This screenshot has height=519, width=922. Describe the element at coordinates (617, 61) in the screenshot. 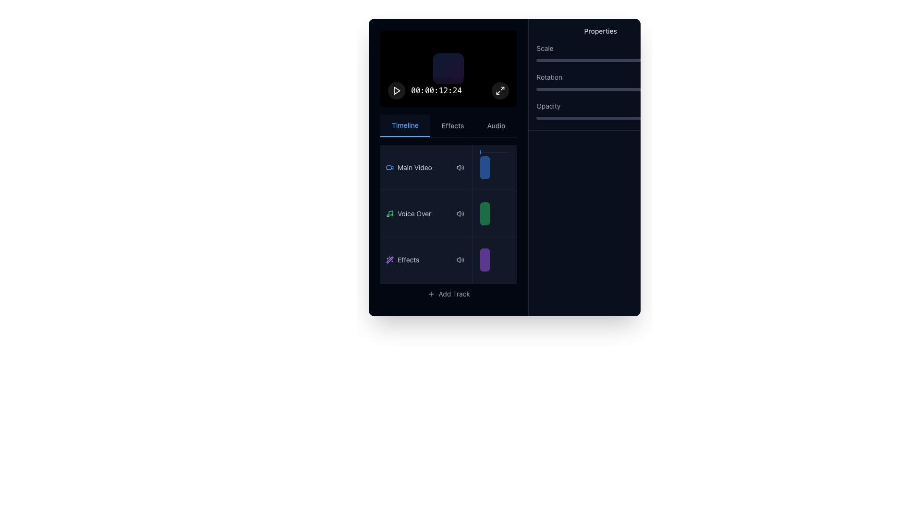

I see `the scale slider` at that location.